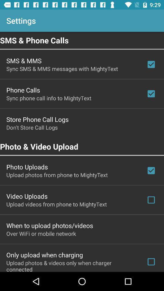  Describe the element at coordinates (26, 196) in the screenshot. I see `the video uploads item` at that location.